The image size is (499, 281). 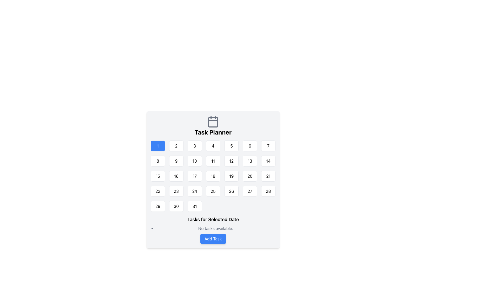 What do you see at coordinates (213, 239) in the screenshot?
I see `the 'Add Task' button, which is a rectangular button with a blue background and white text located below the 'Tasks for Selected Date' header and the text 'No tasks available.'` at bounding box center [213, 239].